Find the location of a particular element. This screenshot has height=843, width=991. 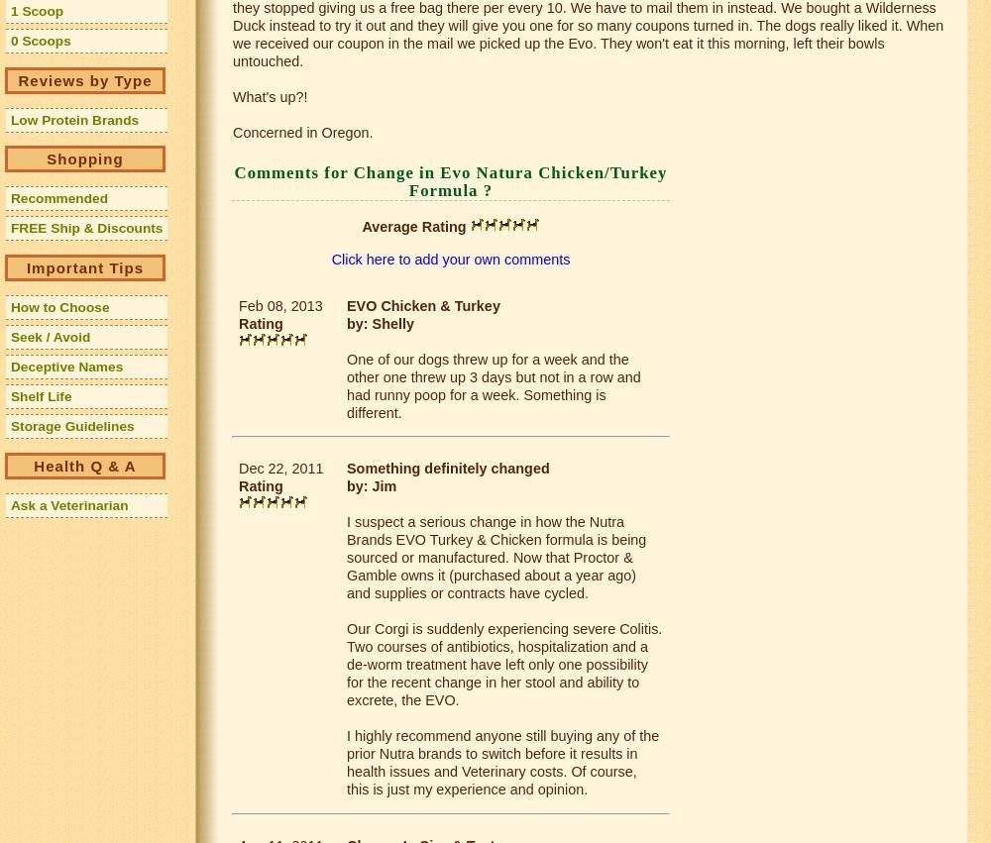

'Recommended' is located at coordinates (59, 198).